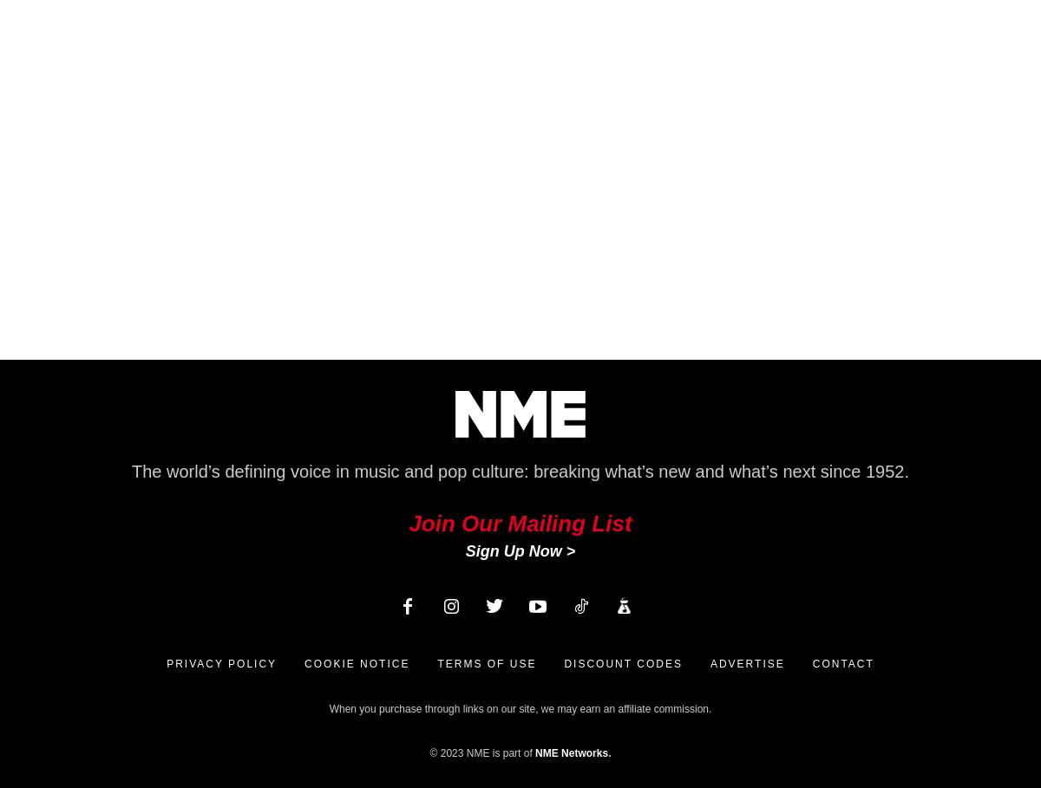  What do you see at coordinates (746, 663) in the screenshot?
I see `'Advertise'` at bounding box center [746, 663].